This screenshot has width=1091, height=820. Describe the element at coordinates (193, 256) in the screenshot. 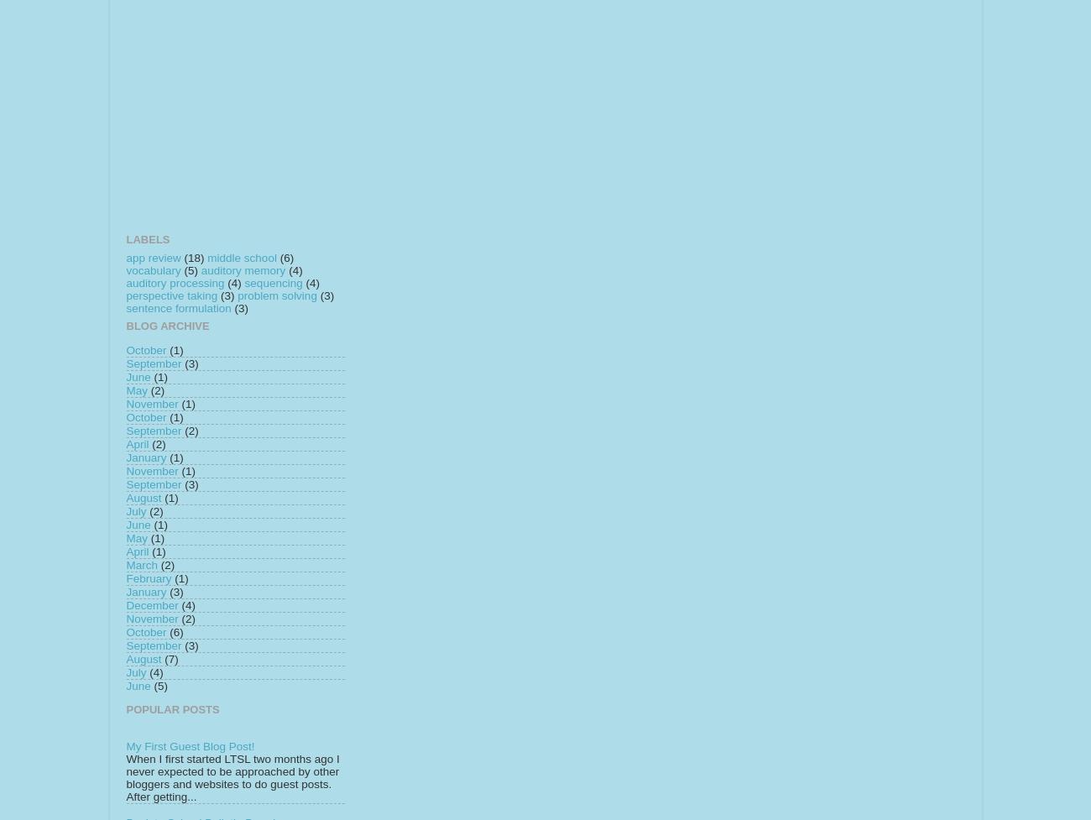

I see `'(18)'` at that location.